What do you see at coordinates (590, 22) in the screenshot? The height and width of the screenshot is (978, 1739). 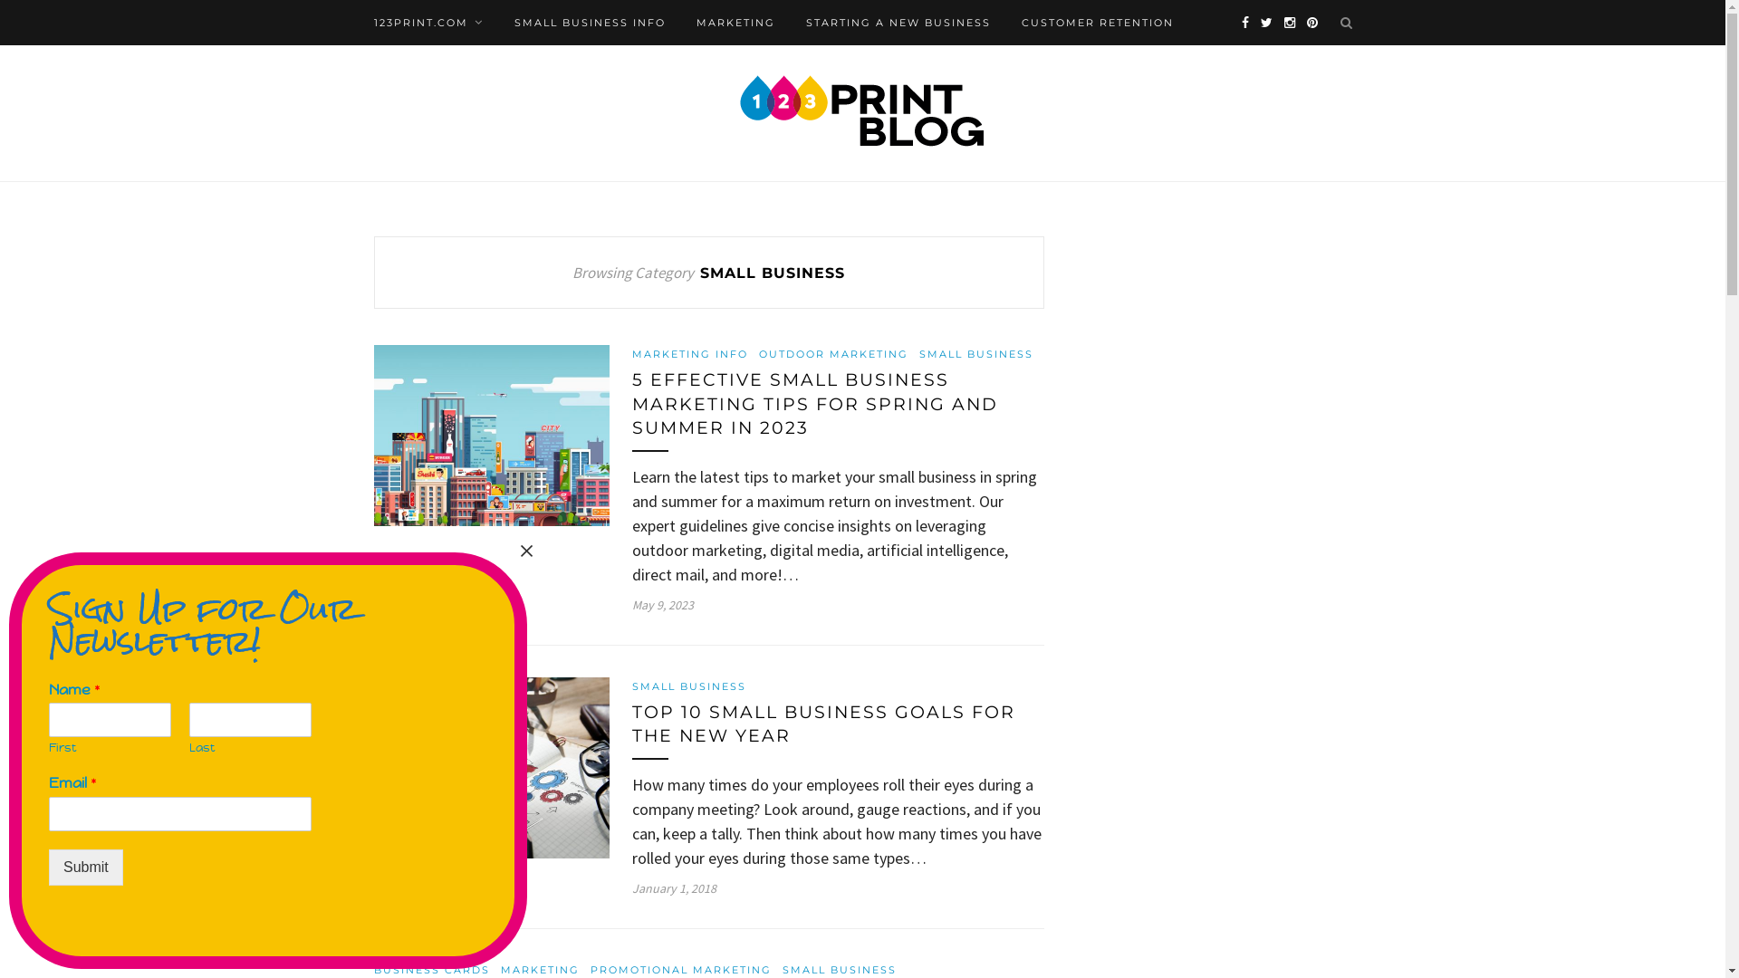 I see `'SMALL BUSINESS INFO'` at bounding box center [590, 22].